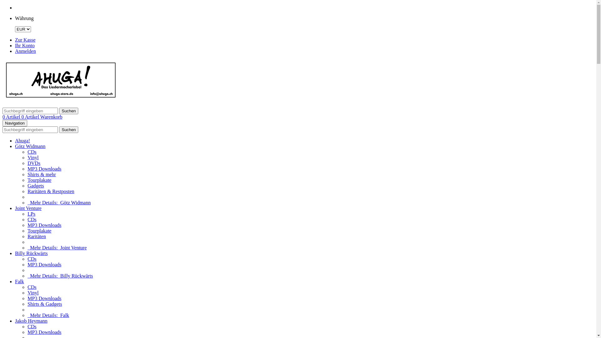 This screenshot has height=338, width=601. Describe the element at coordinates (30, 117) in the screenshot. I see `'0 Artikel'` at that location.